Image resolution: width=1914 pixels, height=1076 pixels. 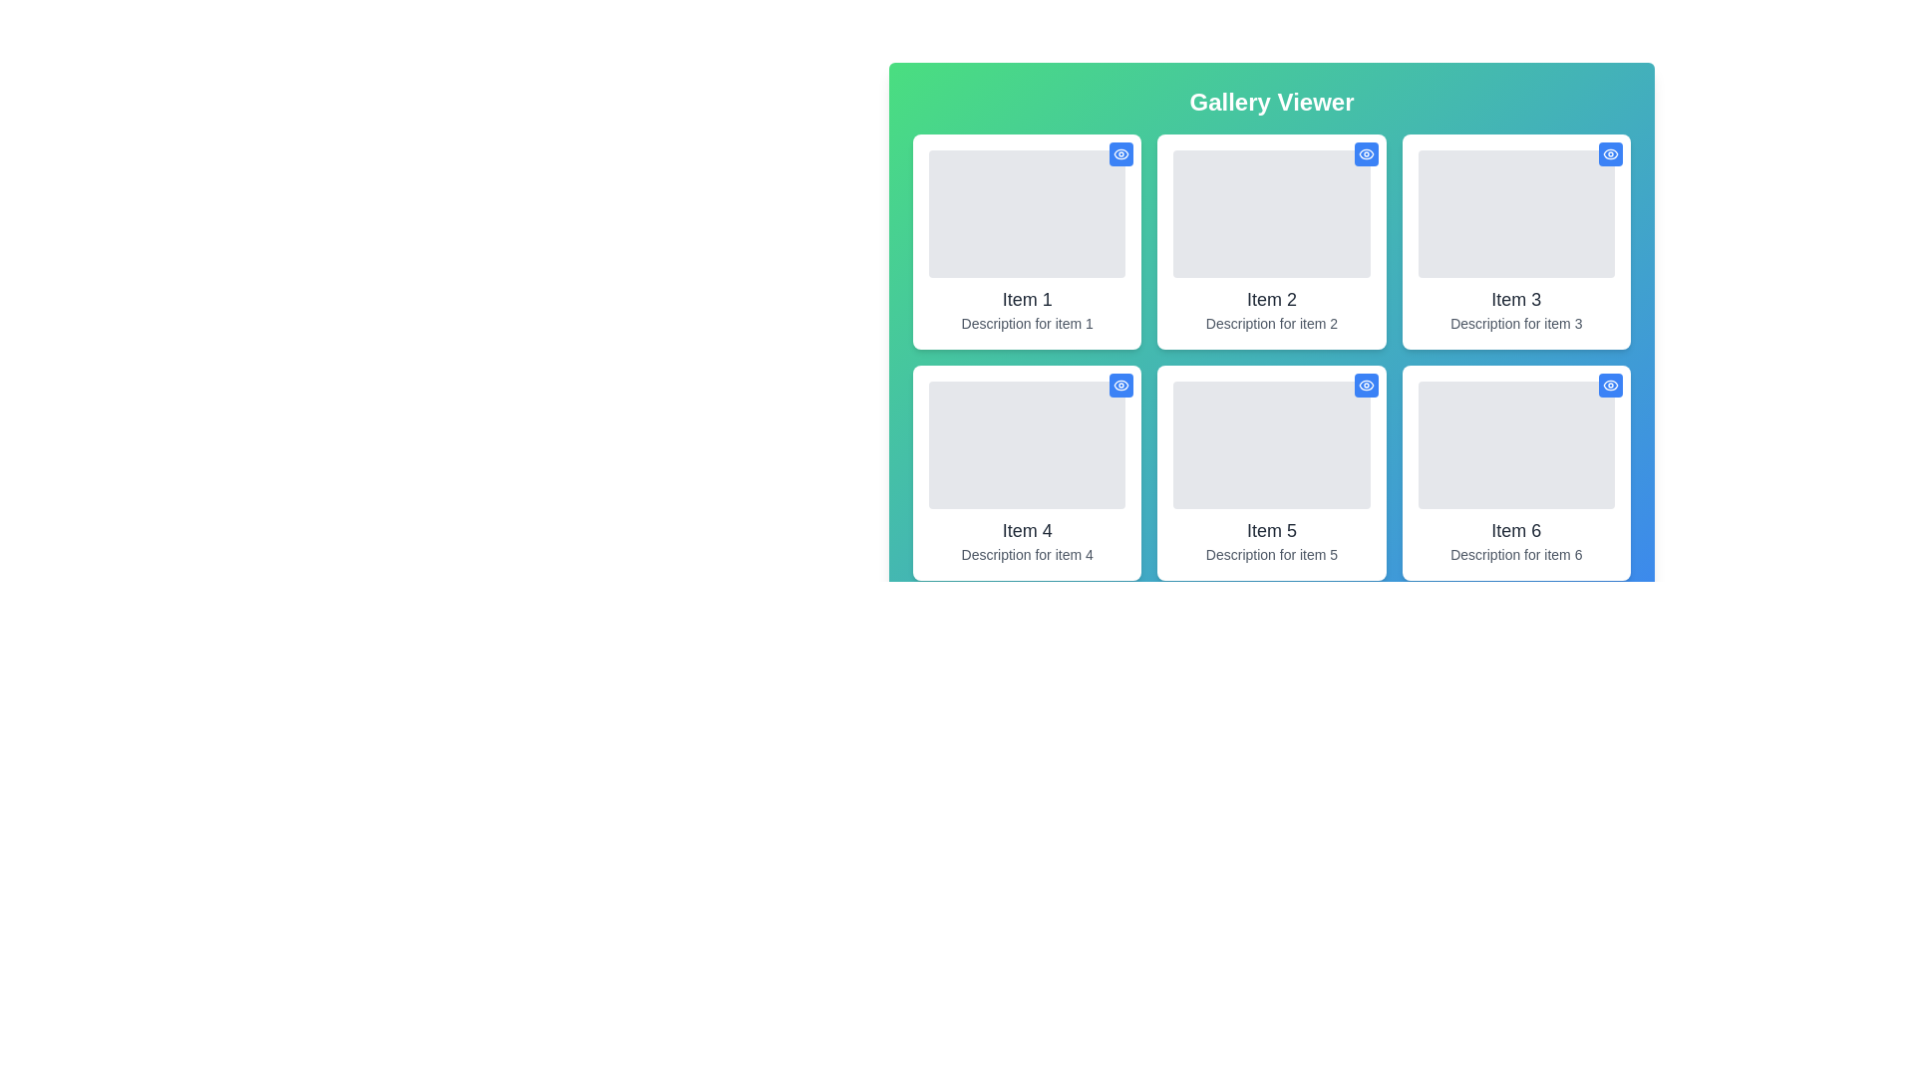 What do you see at coordinates (1271, 529) in the screenshot?
I see `the text label that serves as the title for the content in the card containing 'Description for item 5', located in the second row, middle column of the grid layout` at bounding box center [1271, 529].